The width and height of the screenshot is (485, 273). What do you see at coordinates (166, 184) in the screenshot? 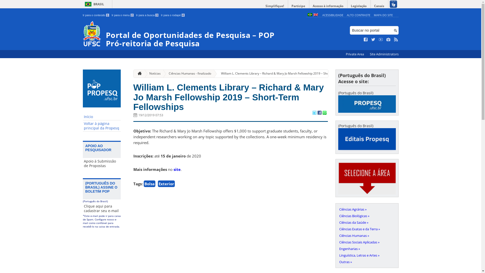
I see `'Exterior'` at bounding box center [166, 184].